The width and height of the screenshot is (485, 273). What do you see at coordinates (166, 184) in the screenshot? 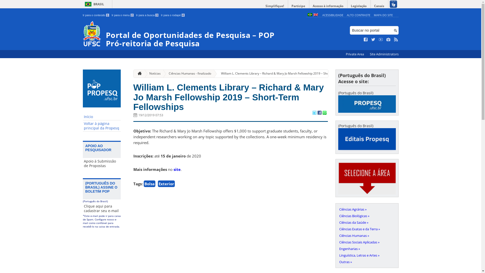
I see `'Exterior'` at bounding box center [166, 184].